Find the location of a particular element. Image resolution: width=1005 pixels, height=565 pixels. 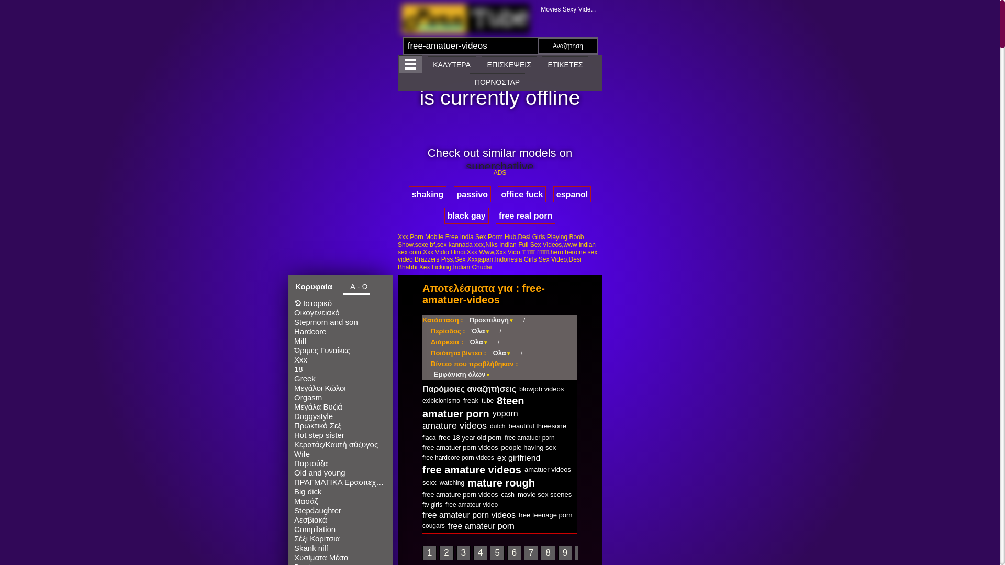

'Stepmom and son' is located at coordinates (340, 322).